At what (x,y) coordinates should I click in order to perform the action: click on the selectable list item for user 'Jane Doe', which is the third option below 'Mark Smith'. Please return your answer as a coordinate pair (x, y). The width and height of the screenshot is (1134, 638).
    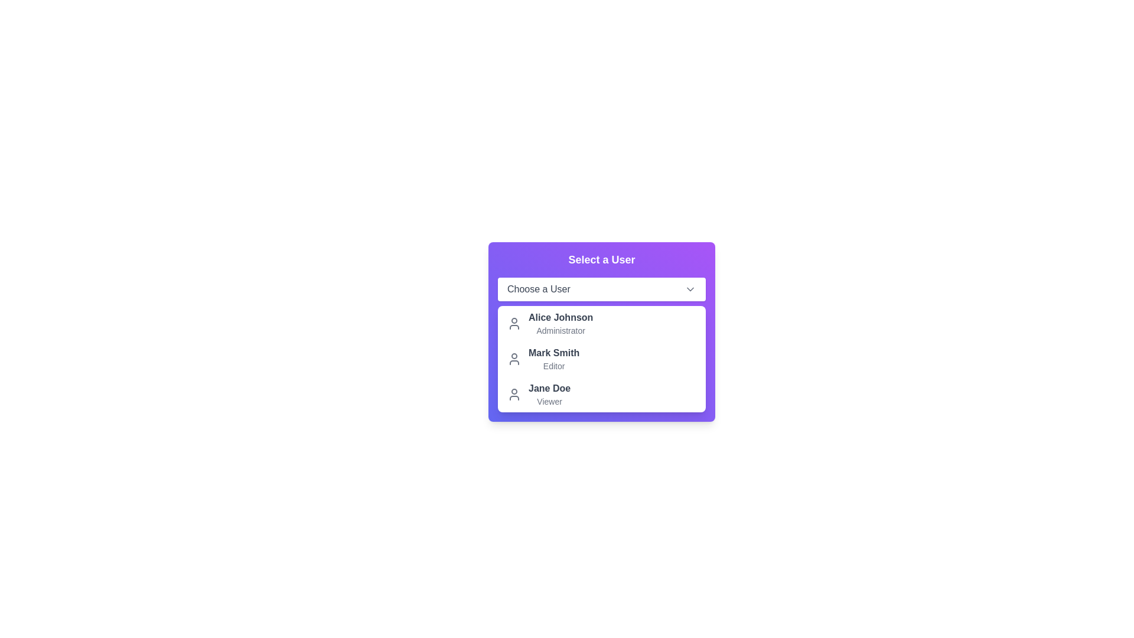
    Looking at the image, I should click on (538, 394).